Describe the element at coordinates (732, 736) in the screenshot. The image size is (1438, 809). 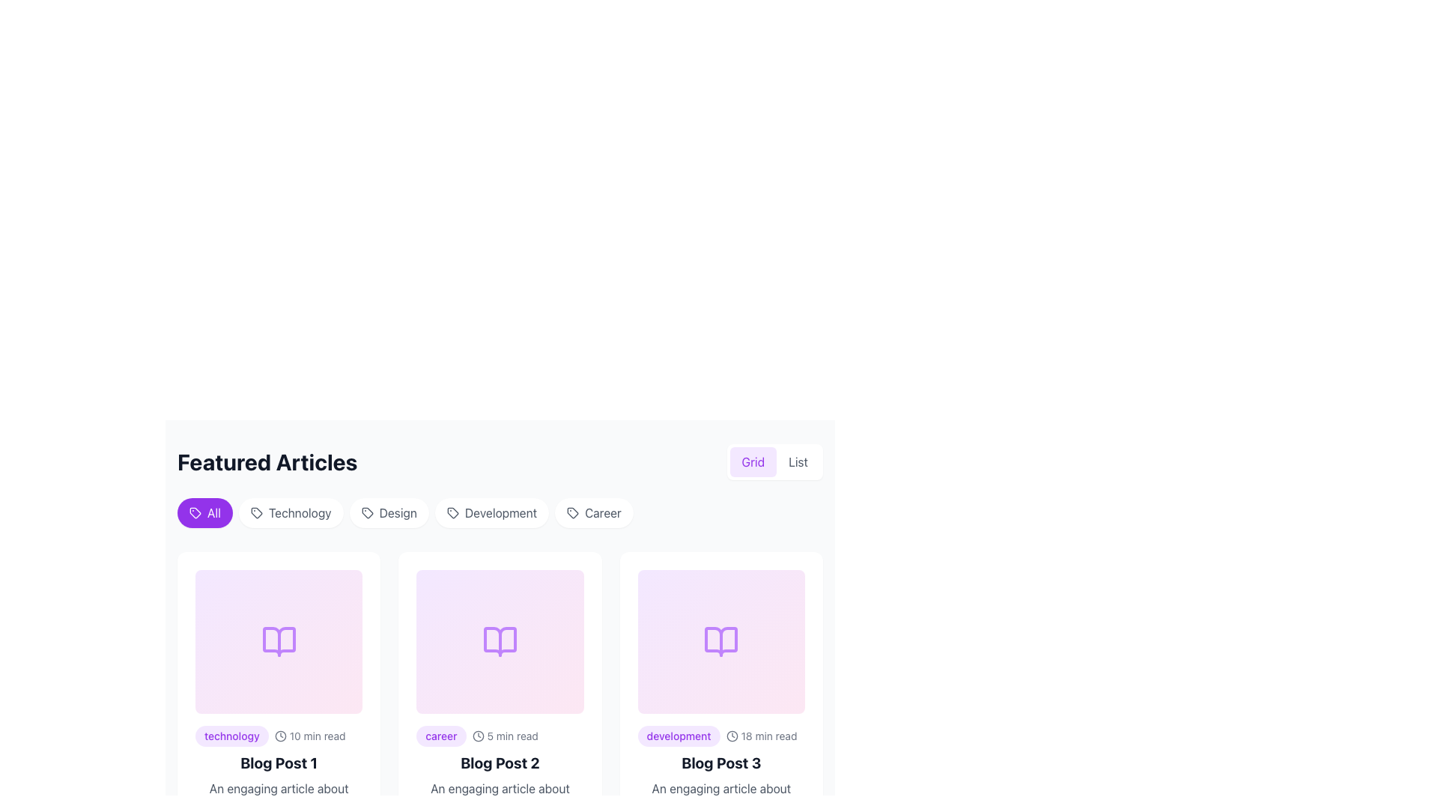
I see `the small clock icon with a circular outline located adjacent to the '18 min read' text for accessibility purposes` at that location.